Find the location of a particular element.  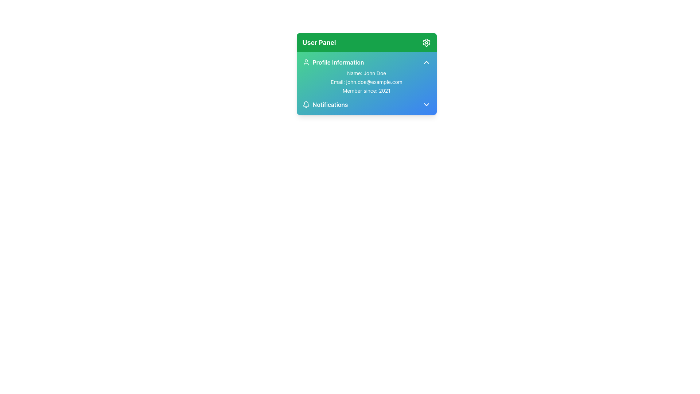

the user or profile information icon located in the top-left corner of the Profile Information section is located at coordinates (306, 62).